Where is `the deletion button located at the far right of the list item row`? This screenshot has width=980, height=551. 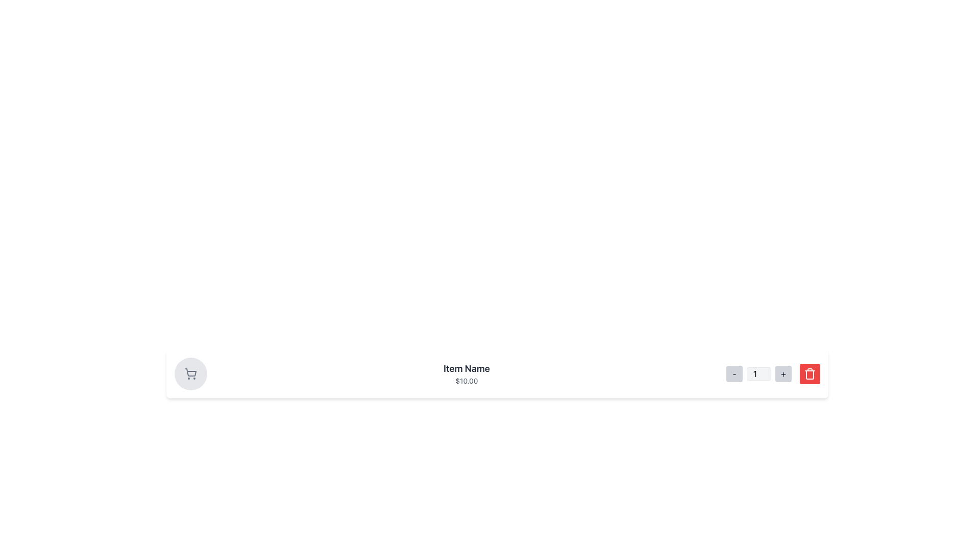
the deletion button located at the far right of the list item row is located at coordinates (810, 373).